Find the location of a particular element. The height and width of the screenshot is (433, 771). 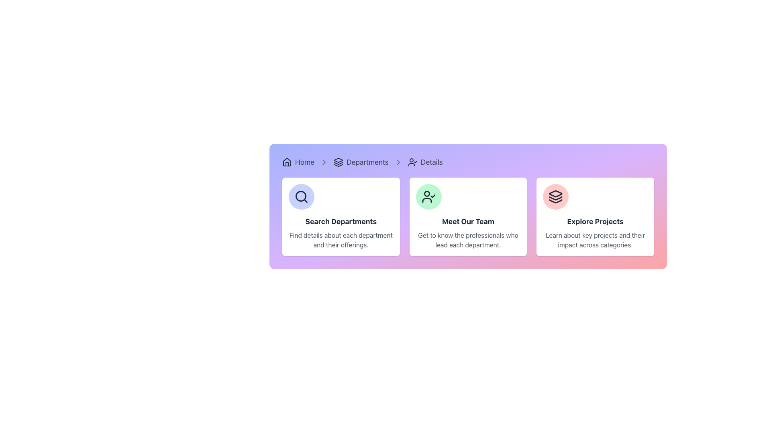

the 'Home' icon in the breadcrumb navigation bar is located at coordinates (287, 162).